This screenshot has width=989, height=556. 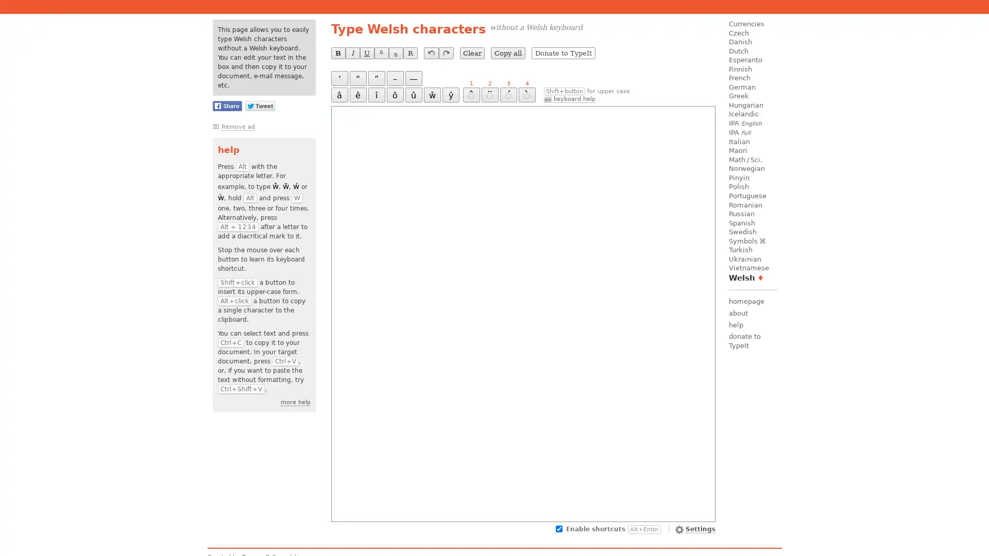 I want to click on 4, so click(x=526, y=95).